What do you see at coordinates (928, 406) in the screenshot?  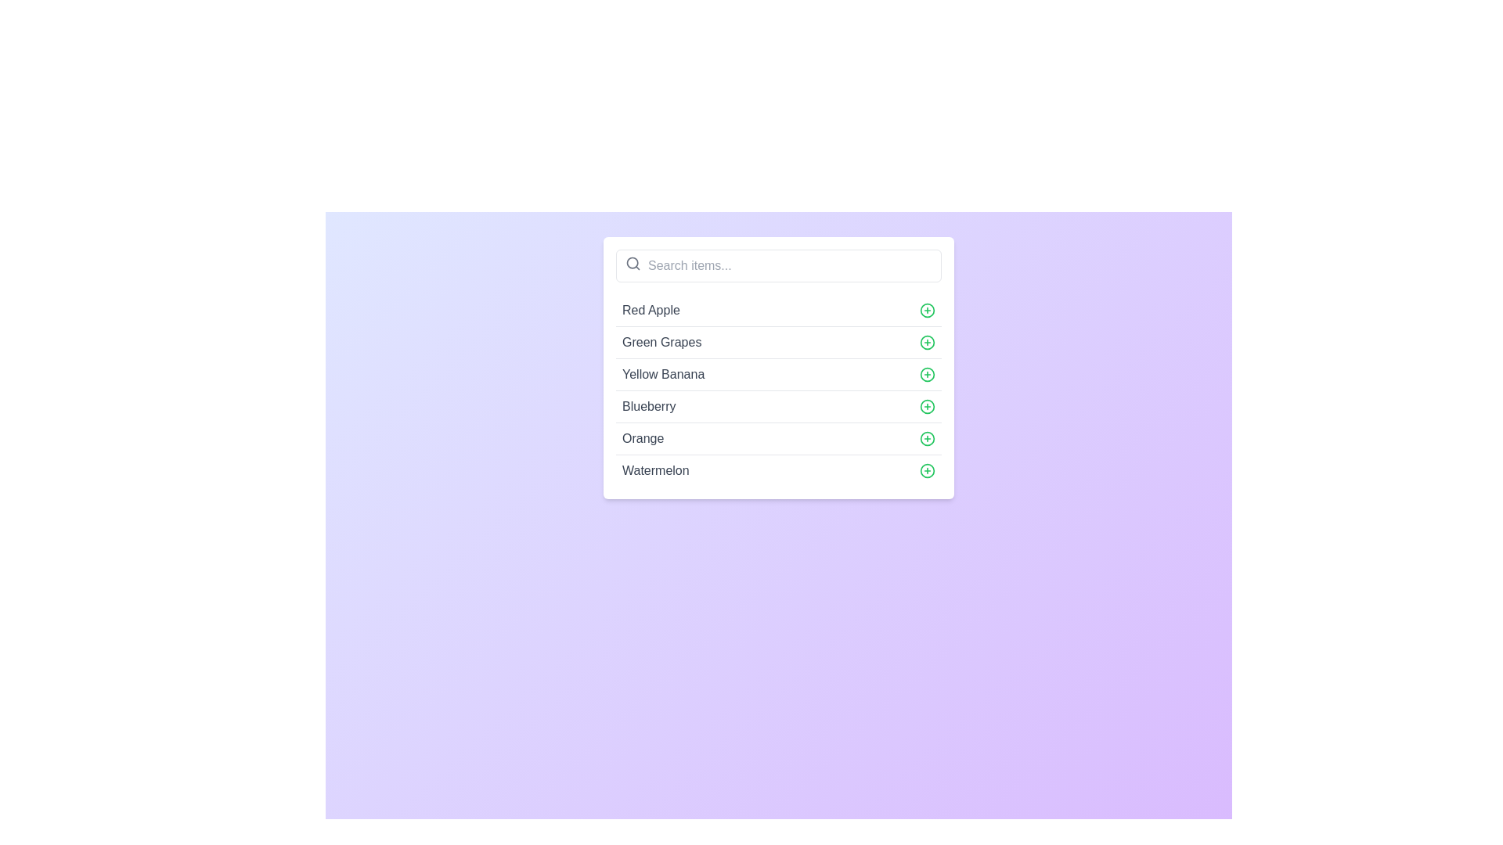 I see `the green circular '+' button located next to the text 'Blueberry'` at bounding box center [928, 406].